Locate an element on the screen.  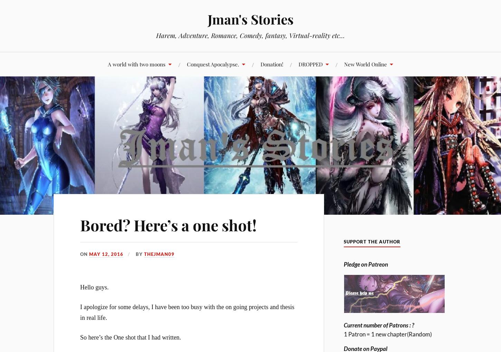
'On' is located at coordinates (85, 253).